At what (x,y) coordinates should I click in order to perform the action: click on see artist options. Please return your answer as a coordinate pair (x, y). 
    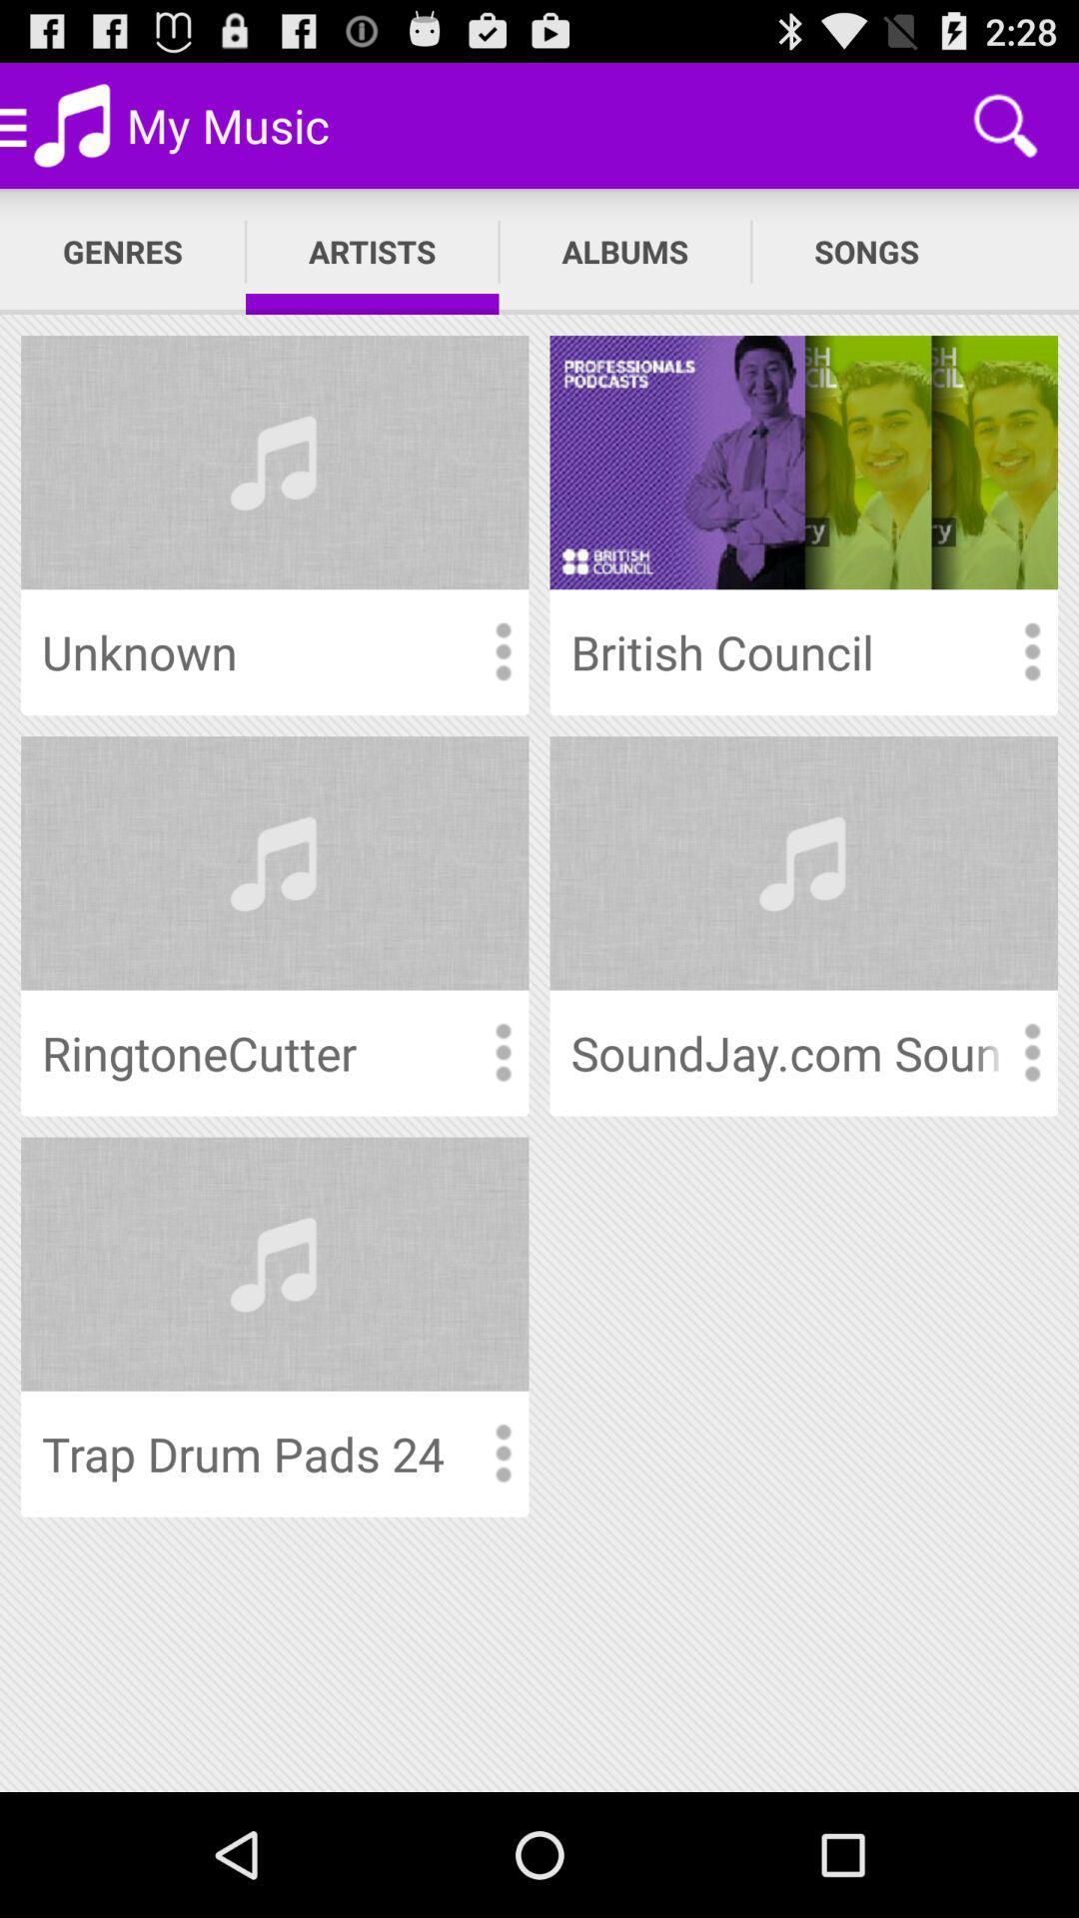
    Looking at the image, I should click on (1031, 652).